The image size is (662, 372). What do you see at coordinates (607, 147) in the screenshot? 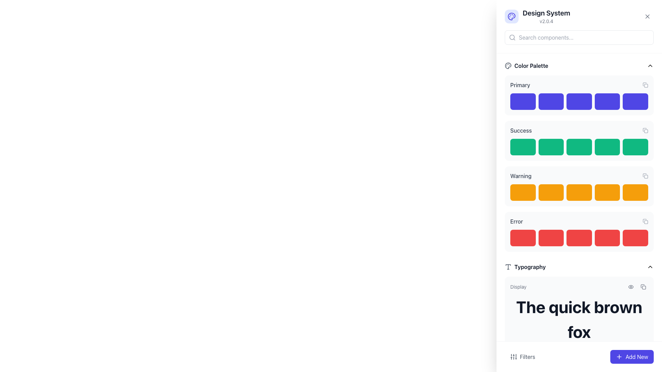
I see `the fourth rectangular component with a vibrant green background in the 'Color Palette' section under the 'Success' category` at bounding box center [607, 147].